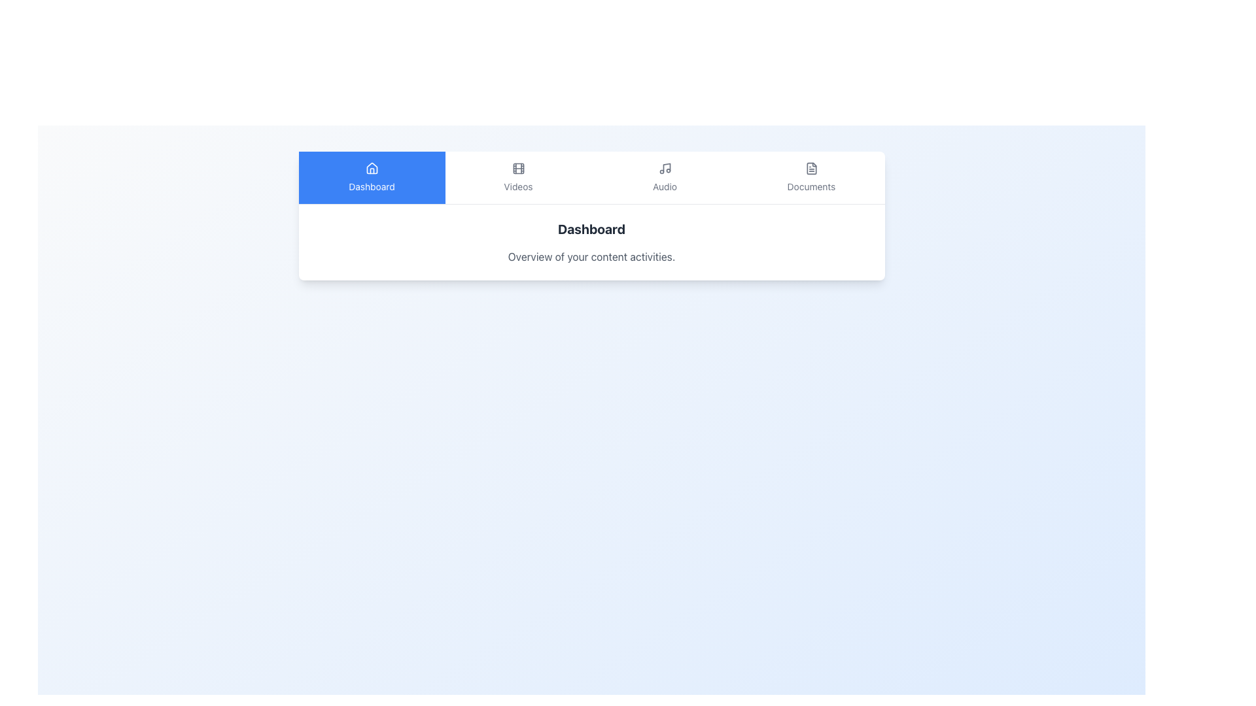  I want to click on one of the menu labels in the navigation bar, so click(591, 178).